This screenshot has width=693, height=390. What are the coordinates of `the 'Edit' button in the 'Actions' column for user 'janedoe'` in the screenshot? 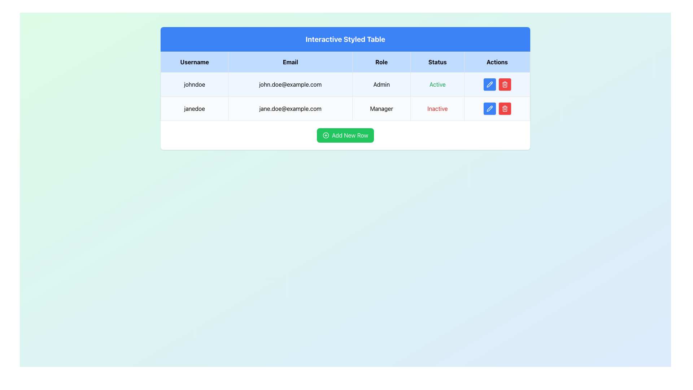 It's located at (489, 108).